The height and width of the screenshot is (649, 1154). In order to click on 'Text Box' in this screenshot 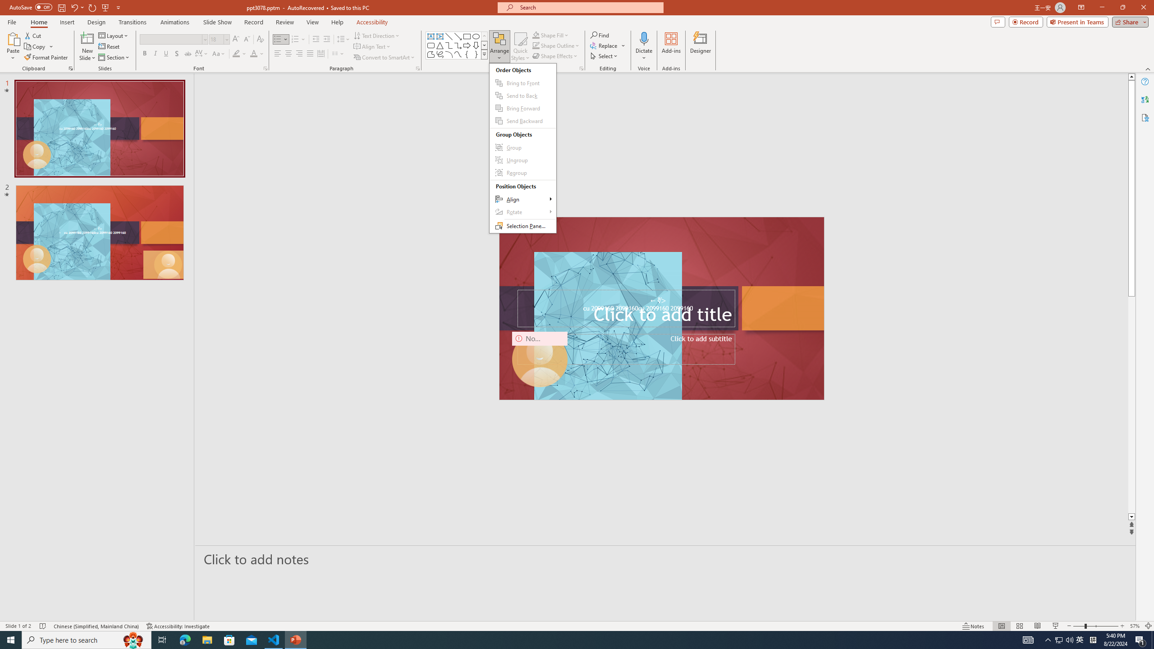, I will do `click(430, 36)`.